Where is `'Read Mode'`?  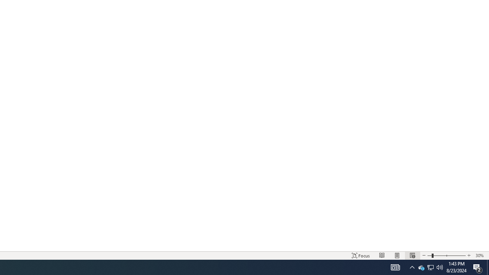 'Read Mode' is located at coordinates (382, 256).